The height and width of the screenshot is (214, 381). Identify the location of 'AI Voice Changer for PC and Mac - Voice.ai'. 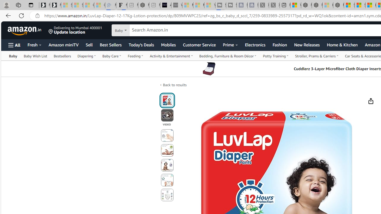
(165, 5).